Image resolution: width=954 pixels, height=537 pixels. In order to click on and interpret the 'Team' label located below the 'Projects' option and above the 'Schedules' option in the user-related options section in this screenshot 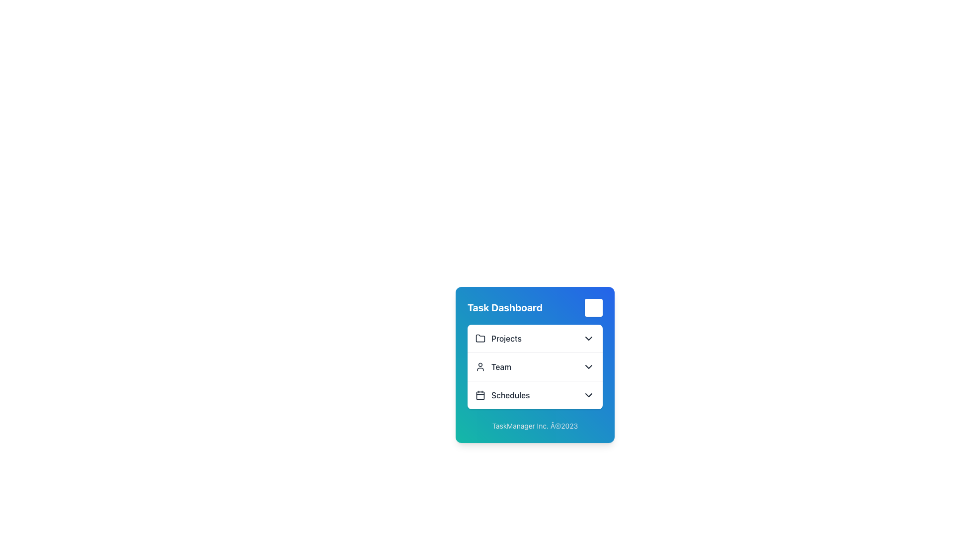, I will do `click(501, 366)`.